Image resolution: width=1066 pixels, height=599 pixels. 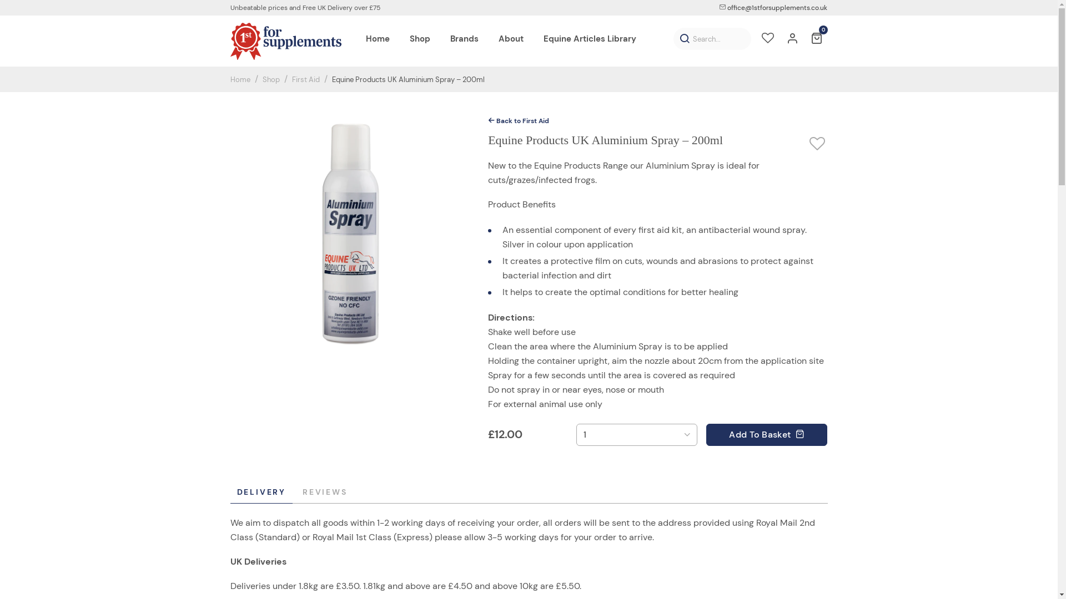 I want to click on 'Account', so click(x=791, y=38).